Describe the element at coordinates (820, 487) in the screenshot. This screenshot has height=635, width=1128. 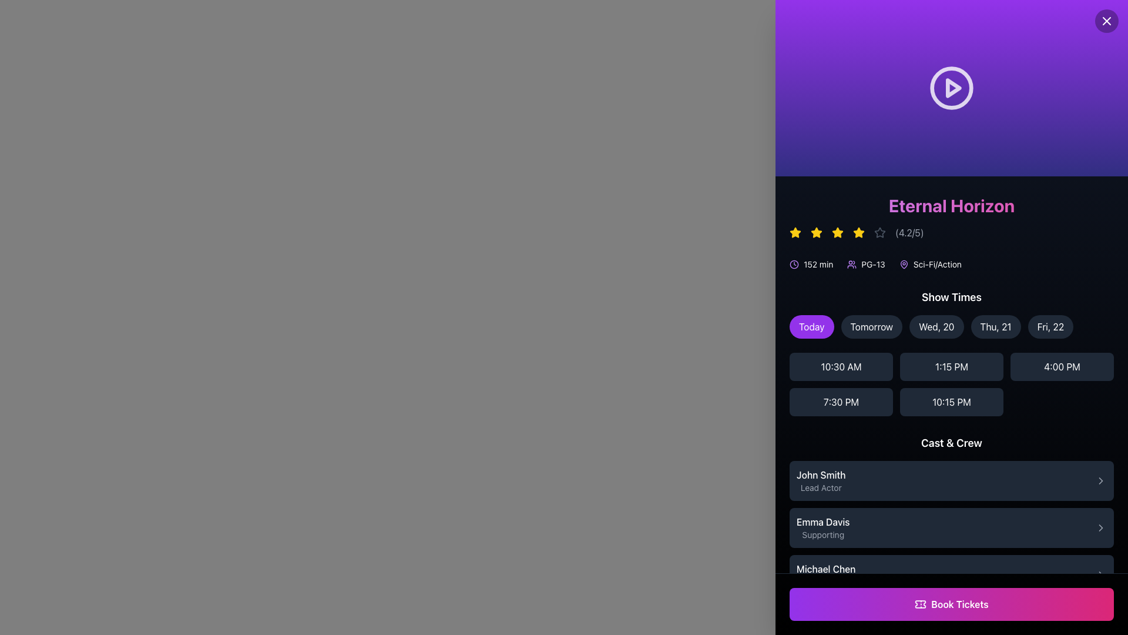
I see `the text label displaying 'Lead Actor' which is styled in a small-sized, gray font and located underneath 'John Smith' in the 'Cast & Crew' section` at that location.